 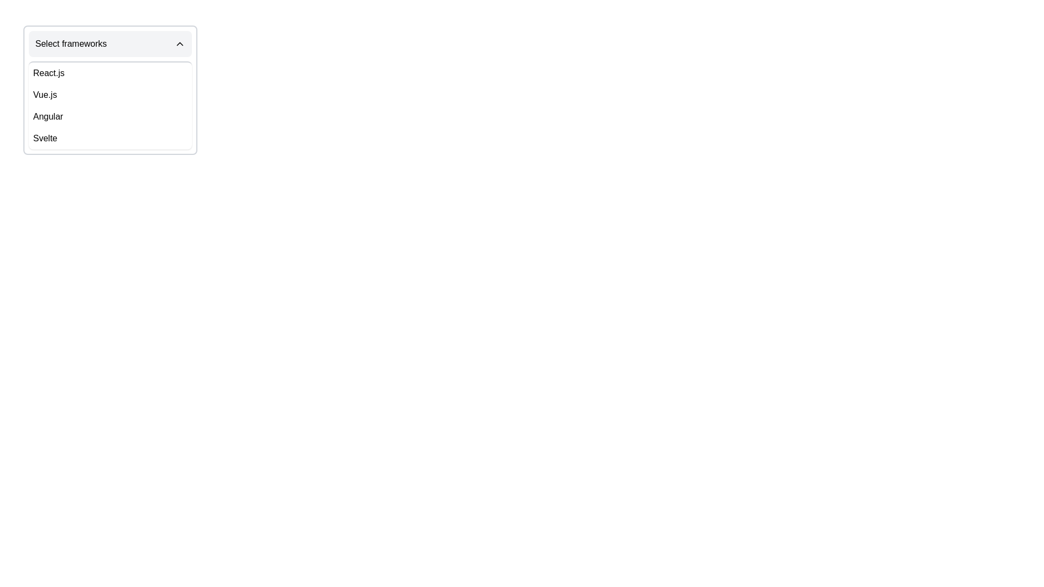 I want to click on the dropdown menu item displaying 'Angular', so click(x=47, y=117).